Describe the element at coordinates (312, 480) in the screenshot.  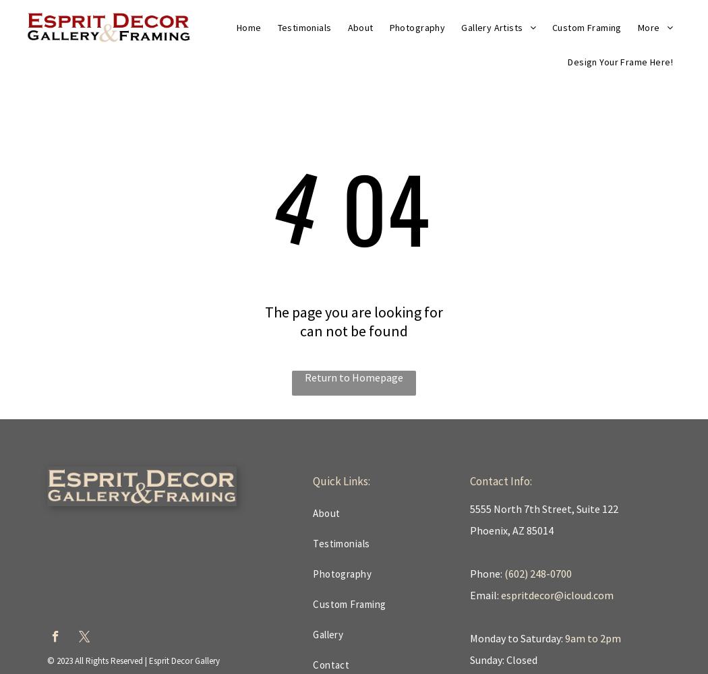
I see `'Quick Links:'` at that location.